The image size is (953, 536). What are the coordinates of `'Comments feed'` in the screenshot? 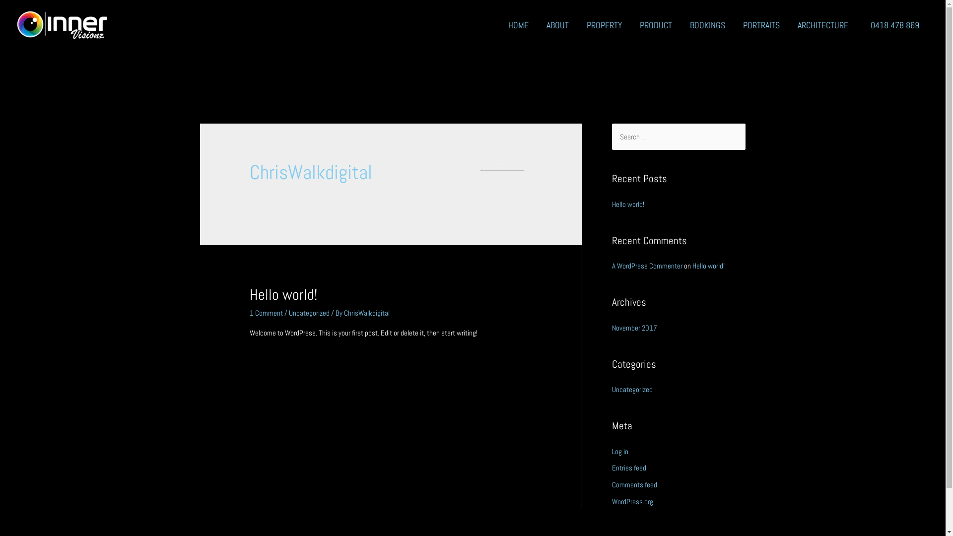 It's located at (633, 484).